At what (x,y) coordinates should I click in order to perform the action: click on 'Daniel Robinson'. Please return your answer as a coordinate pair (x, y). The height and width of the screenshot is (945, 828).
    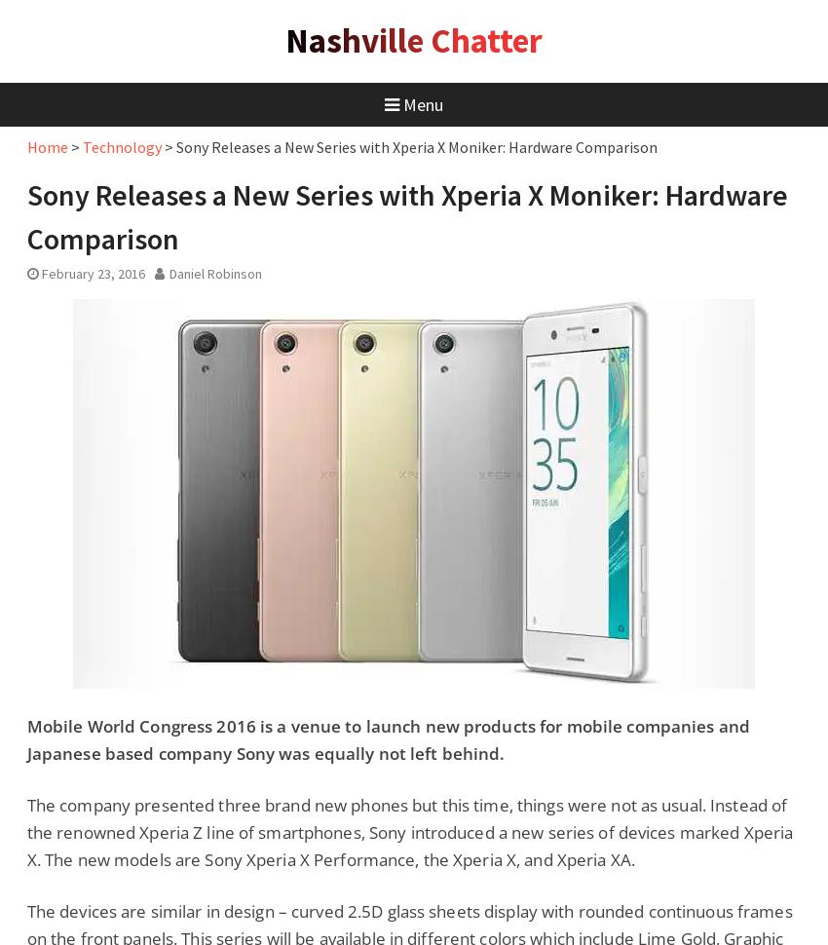
    Looking at the image, I should click on (214, 272).